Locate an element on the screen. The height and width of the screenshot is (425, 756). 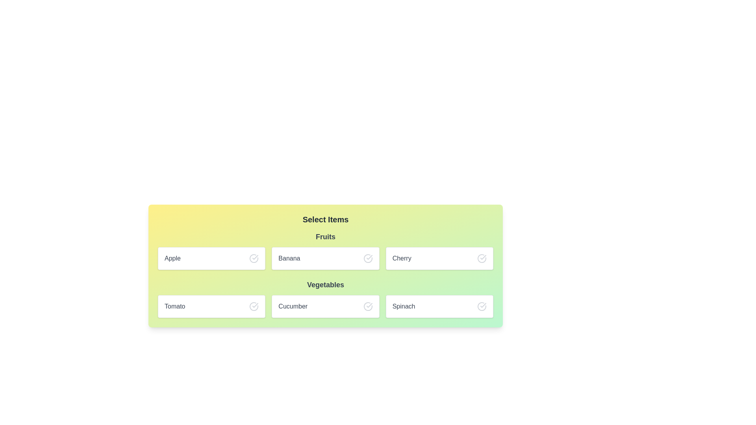
the confirmation icon indicating the 'Tomato' selection in the second row of the selection grid is located at coordinates (255, 305).